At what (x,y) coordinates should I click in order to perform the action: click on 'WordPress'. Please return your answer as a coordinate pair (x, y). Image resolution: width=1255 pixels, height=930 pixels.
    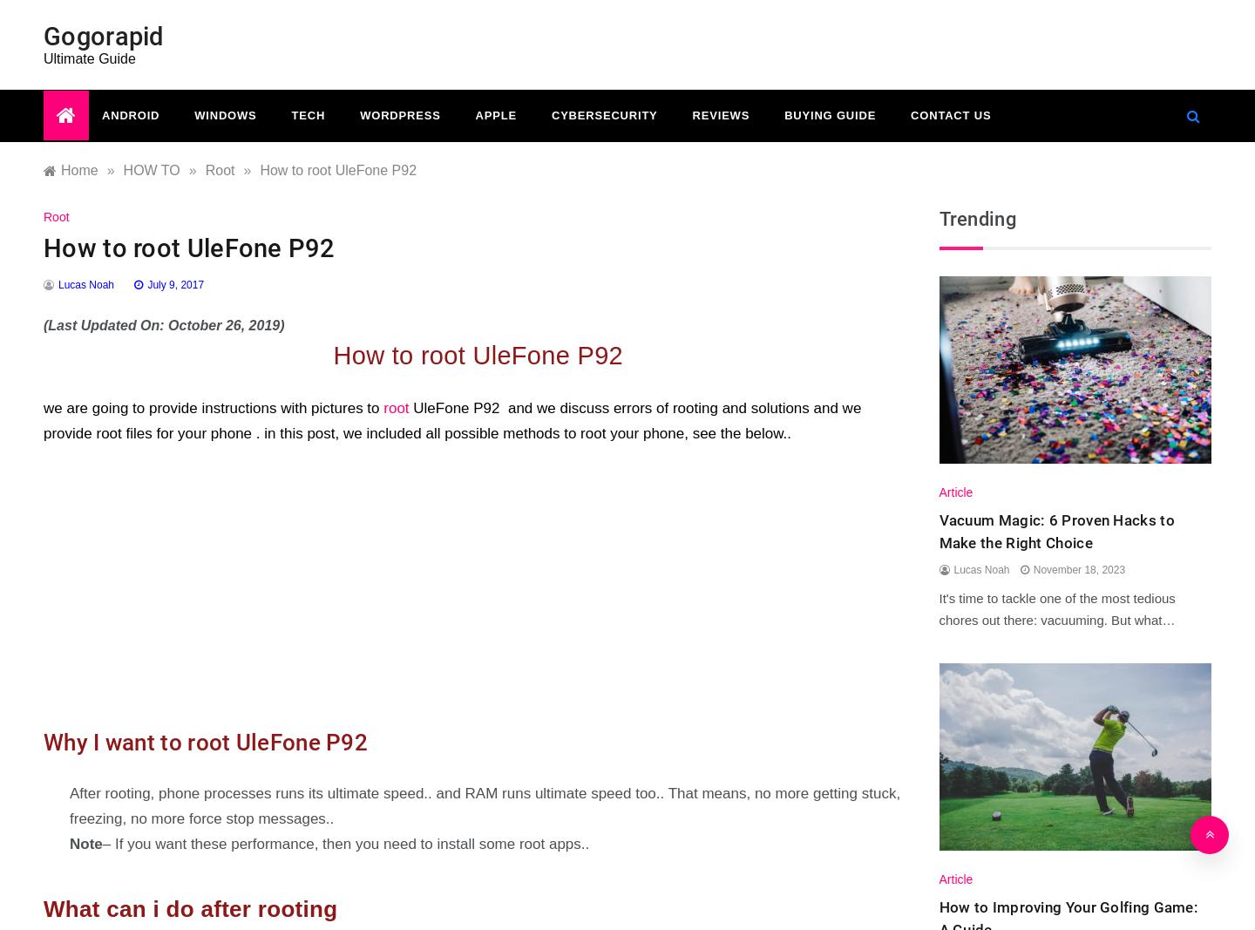
    Looking at the image, I should click on (399, 114).